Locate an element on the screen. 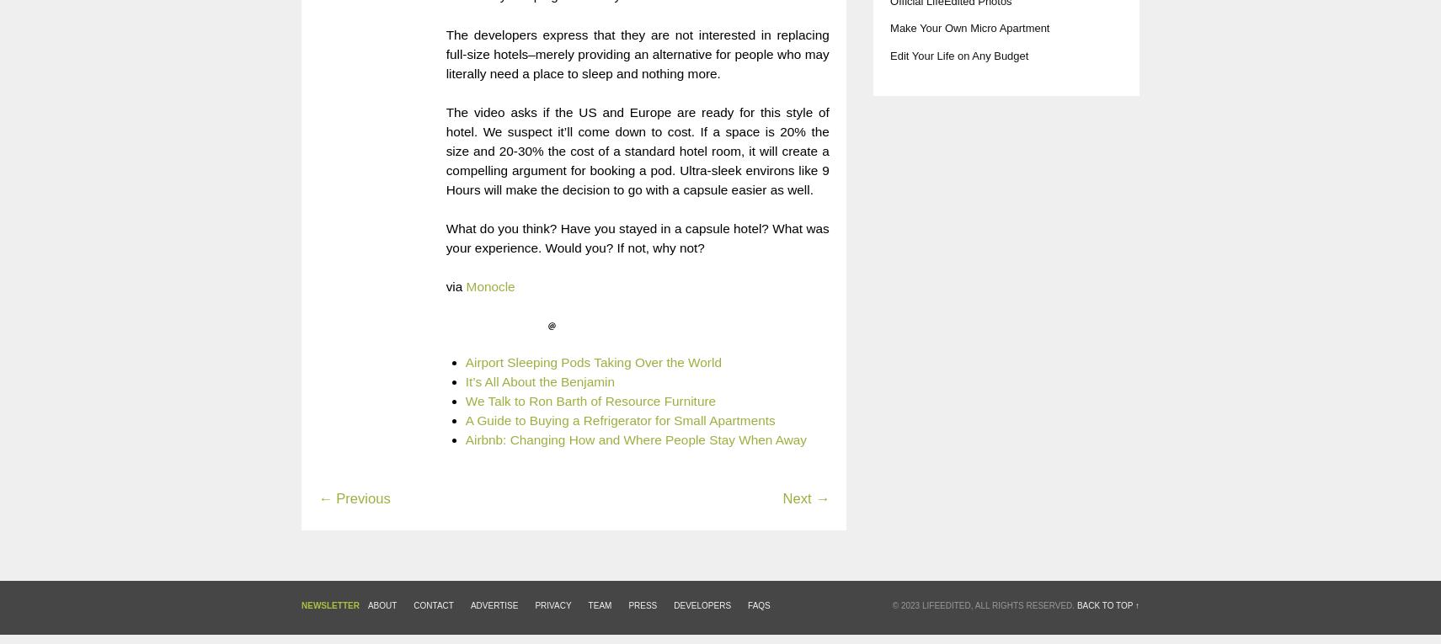 The width and height of the screenshot is (1441, 644). 't' is located at coordinates (1024, 56).